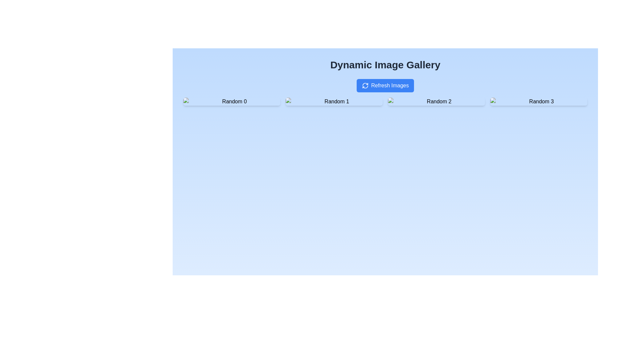  Describe the element at coordinates (232, 101) in the screenshot. I see `the image in the composite component, located at the top-left corner of the grid layout` at that location.